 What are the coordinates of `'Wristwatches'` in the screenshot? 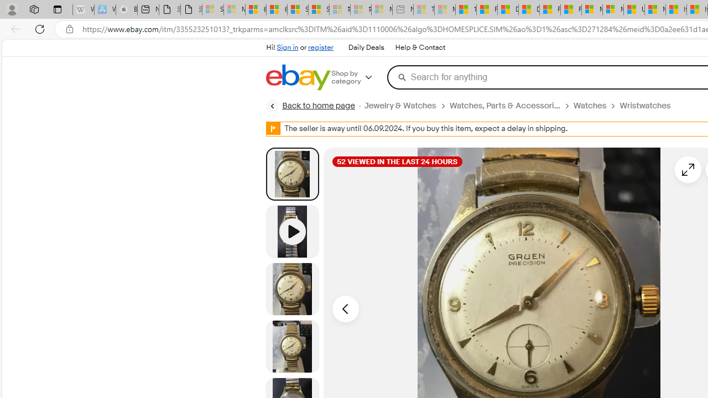 It's located at (645, 106).